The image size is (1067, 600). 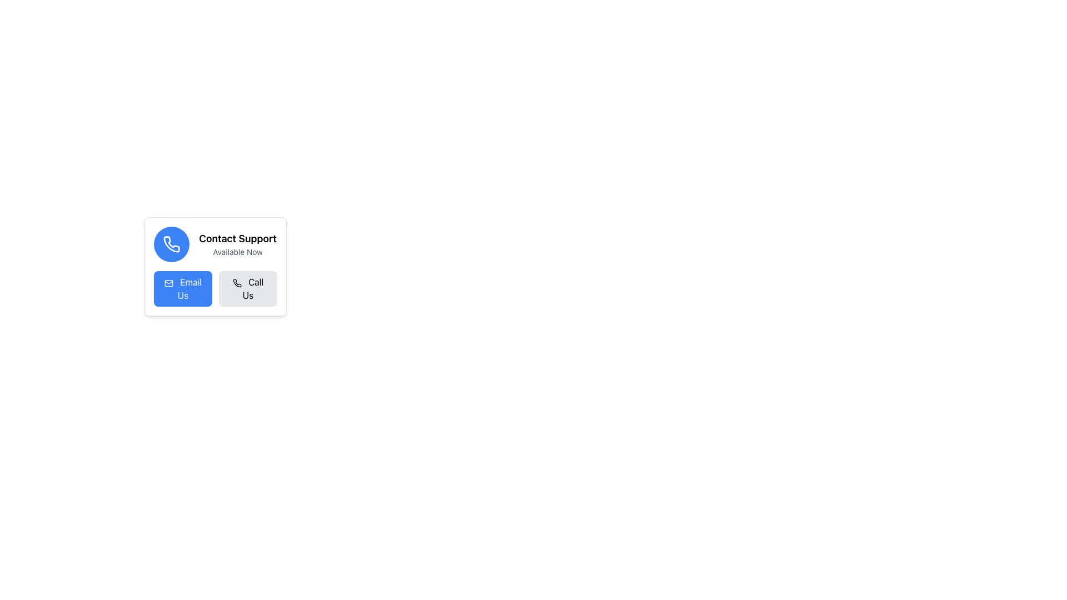 I want to click on the Information Display section that contains a white phone icon in a blue circle, with the text 'Contact Support' and 'Available Now', so click(x=216, y=243).